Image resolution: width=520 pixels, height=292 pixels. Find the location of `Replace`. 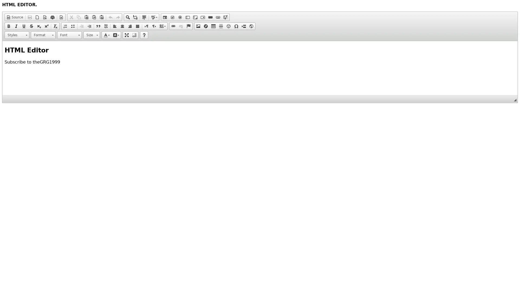

Replace is located at coordinates (135, 17).